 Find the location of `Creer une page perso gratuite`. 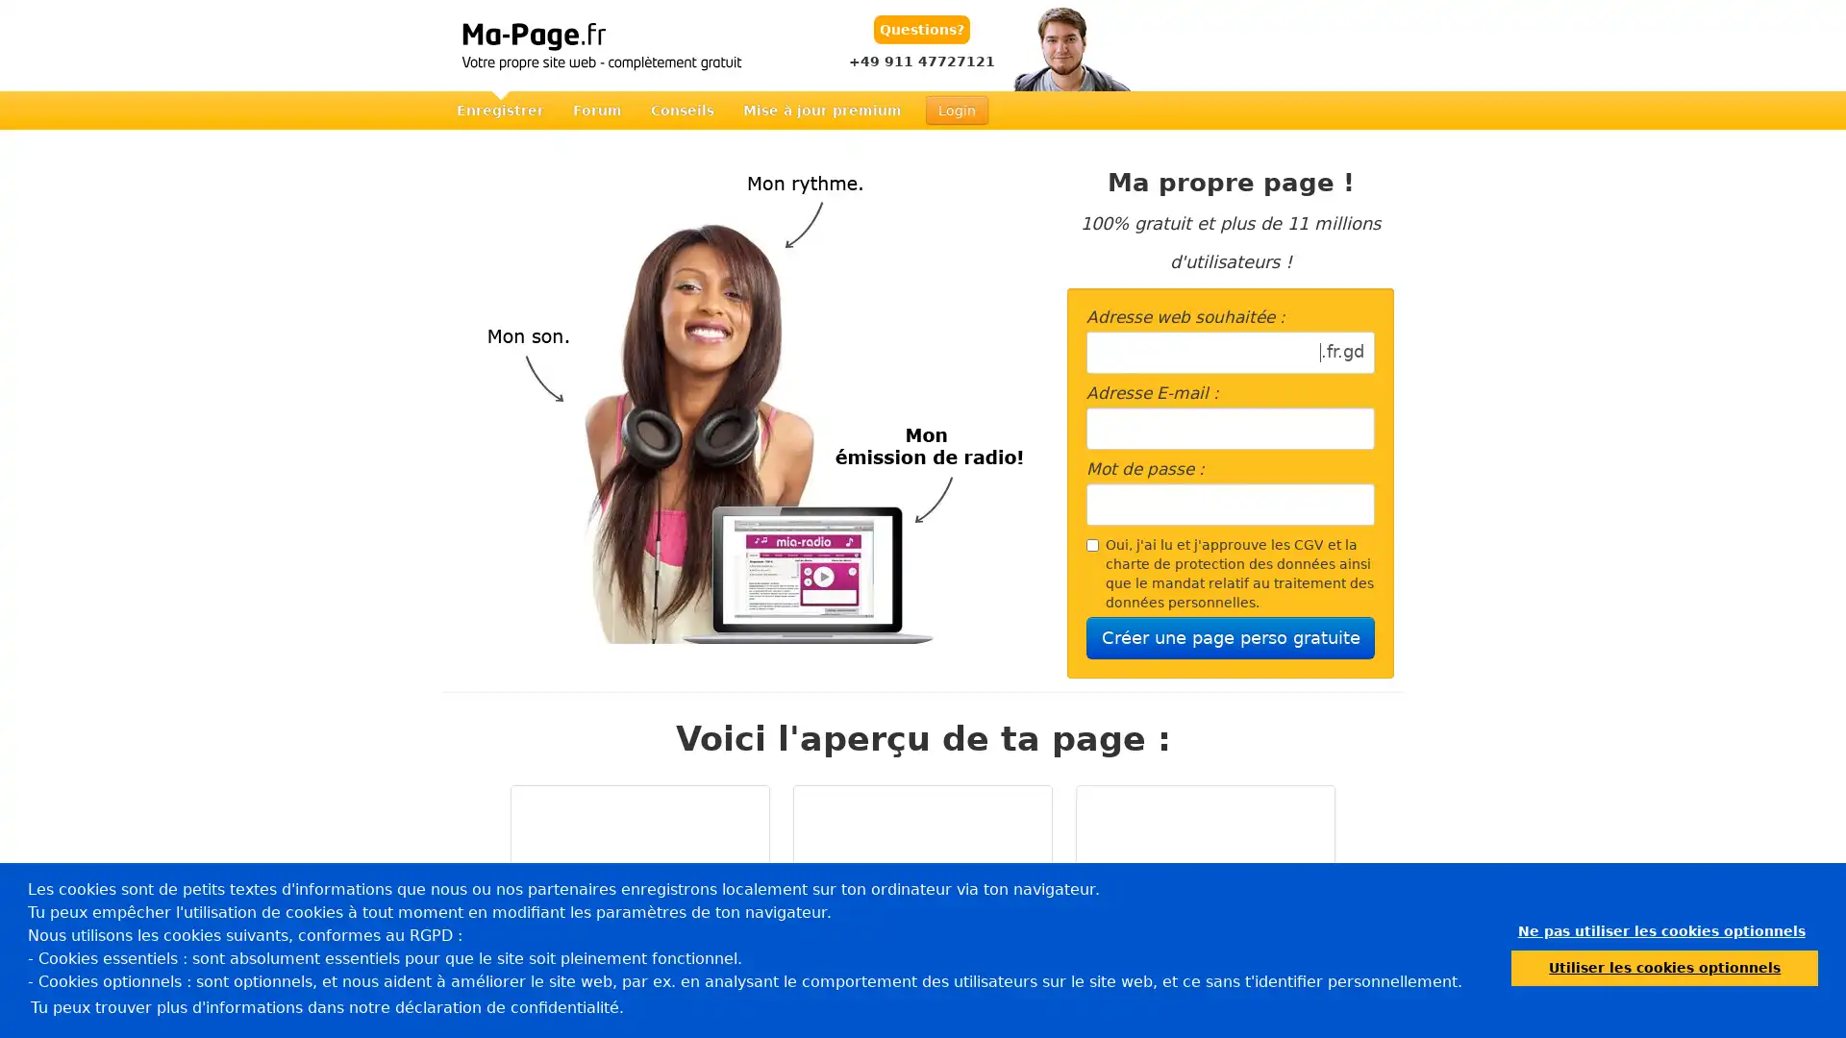

Creer une page perso gratuite is located at coordinates (1231, 637).